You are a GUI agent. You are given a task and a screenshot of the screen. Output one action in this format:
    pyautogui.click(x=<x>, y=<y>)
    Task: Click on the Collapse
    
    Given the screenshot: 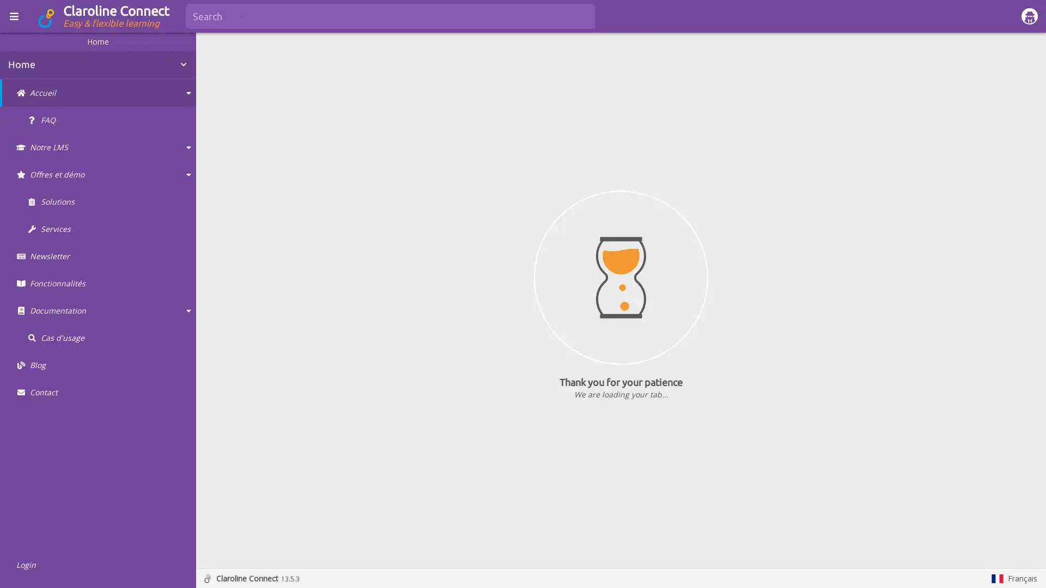 What is the action you would take?
    pyautogui.click(x=188, y=310)
    